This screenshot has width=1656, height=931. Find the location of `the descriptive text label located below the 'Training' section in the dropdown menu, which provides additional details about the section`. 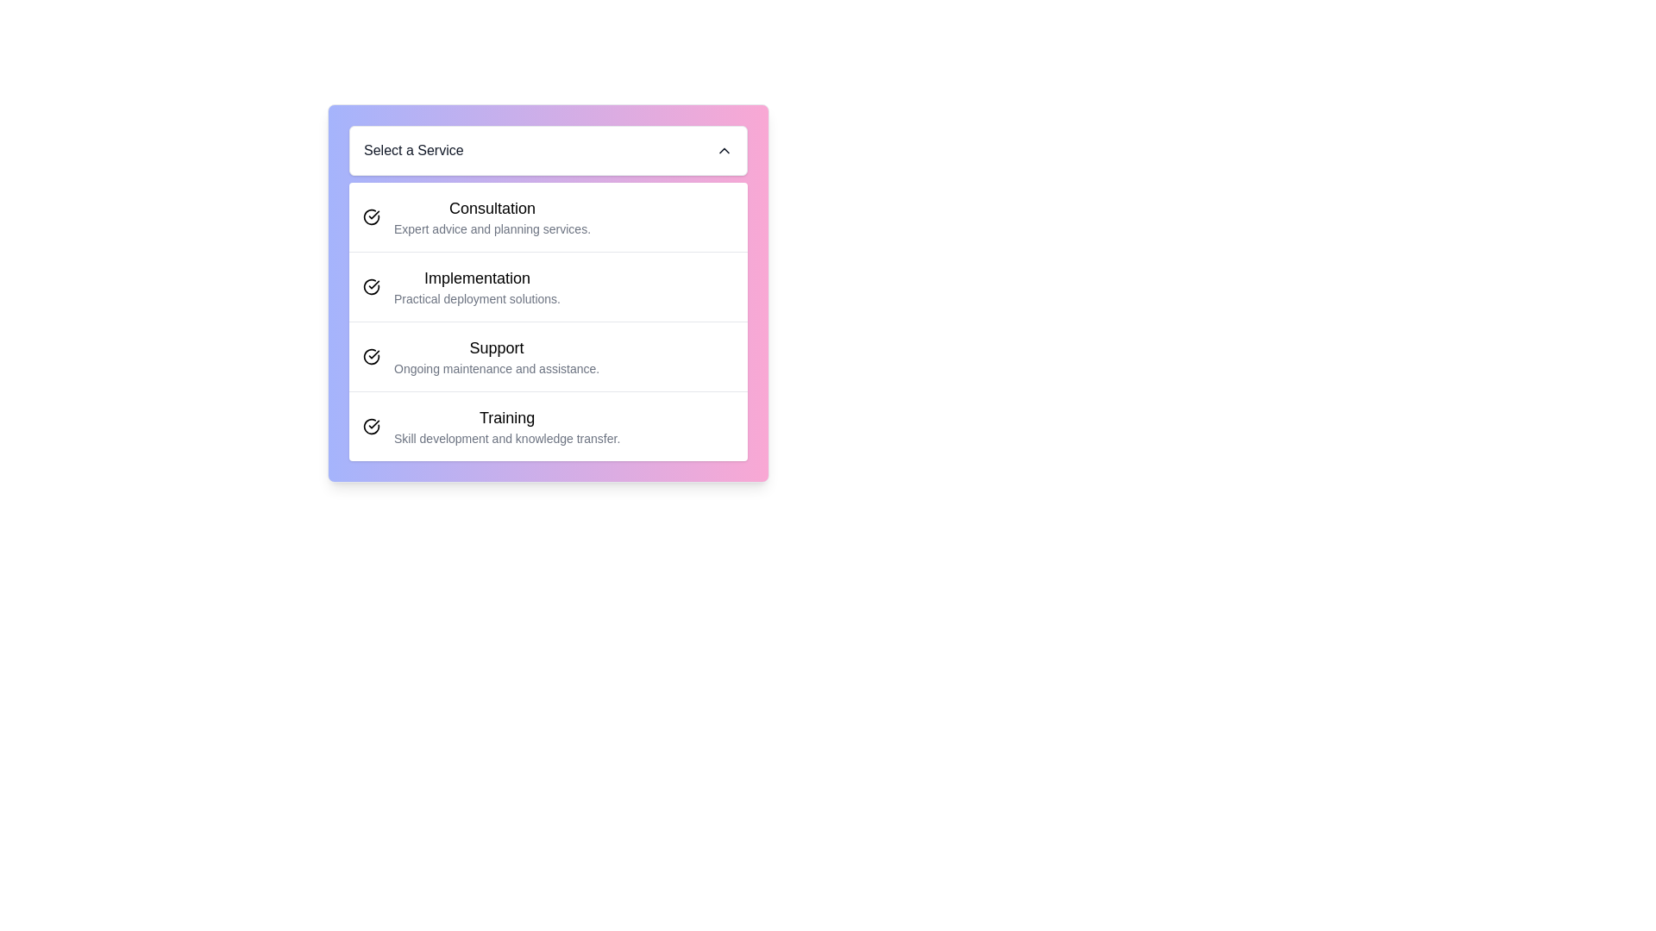

the descriptive text label located below the 'Training' section in the dropdown menu, which provides additional details about the section is located at coordinates (506, 438).